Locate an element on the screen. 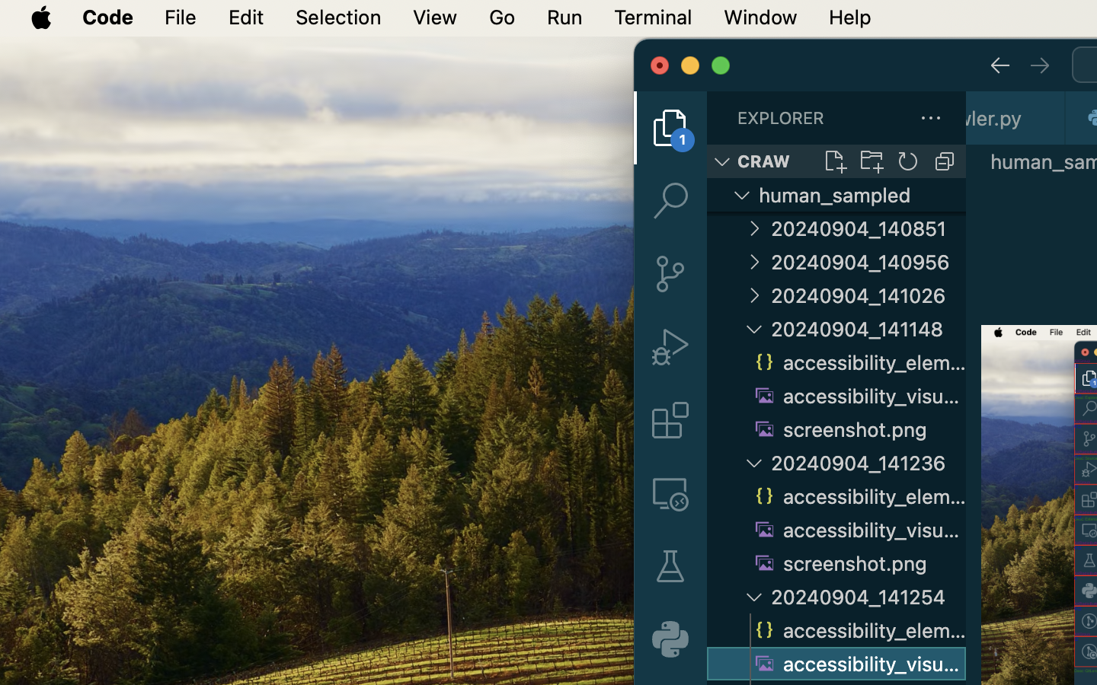 The width and height of the screenshot is (1097, 685). '0 os_crawler.py ' is located at coordinates (1015, 117).